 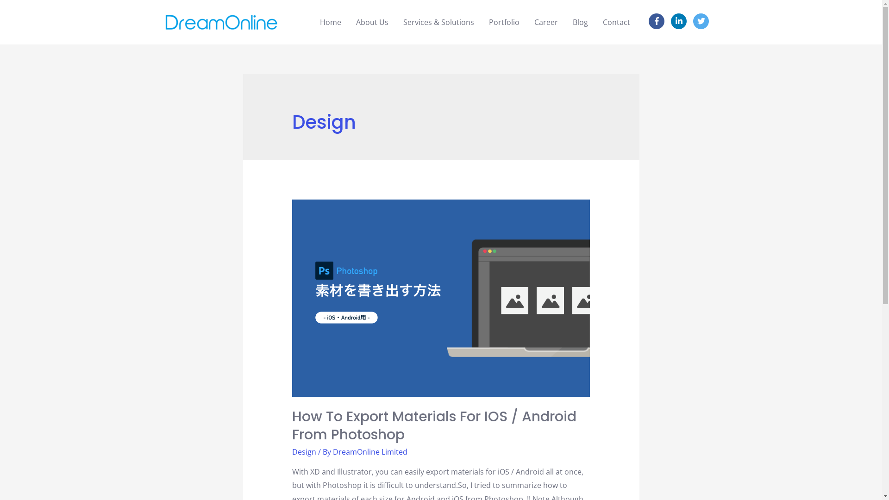 What do you see at coordinates (369, 451) in the screenshot?
I see `'DreamOnline Limited'` at bounding box center [369, 451].